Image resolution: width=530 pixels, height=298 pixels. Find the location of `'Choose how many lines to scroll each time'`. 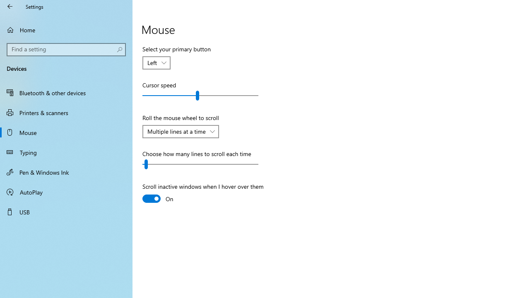

'Choose how many lines to scroll each time' is located at coordinates (200, 164).